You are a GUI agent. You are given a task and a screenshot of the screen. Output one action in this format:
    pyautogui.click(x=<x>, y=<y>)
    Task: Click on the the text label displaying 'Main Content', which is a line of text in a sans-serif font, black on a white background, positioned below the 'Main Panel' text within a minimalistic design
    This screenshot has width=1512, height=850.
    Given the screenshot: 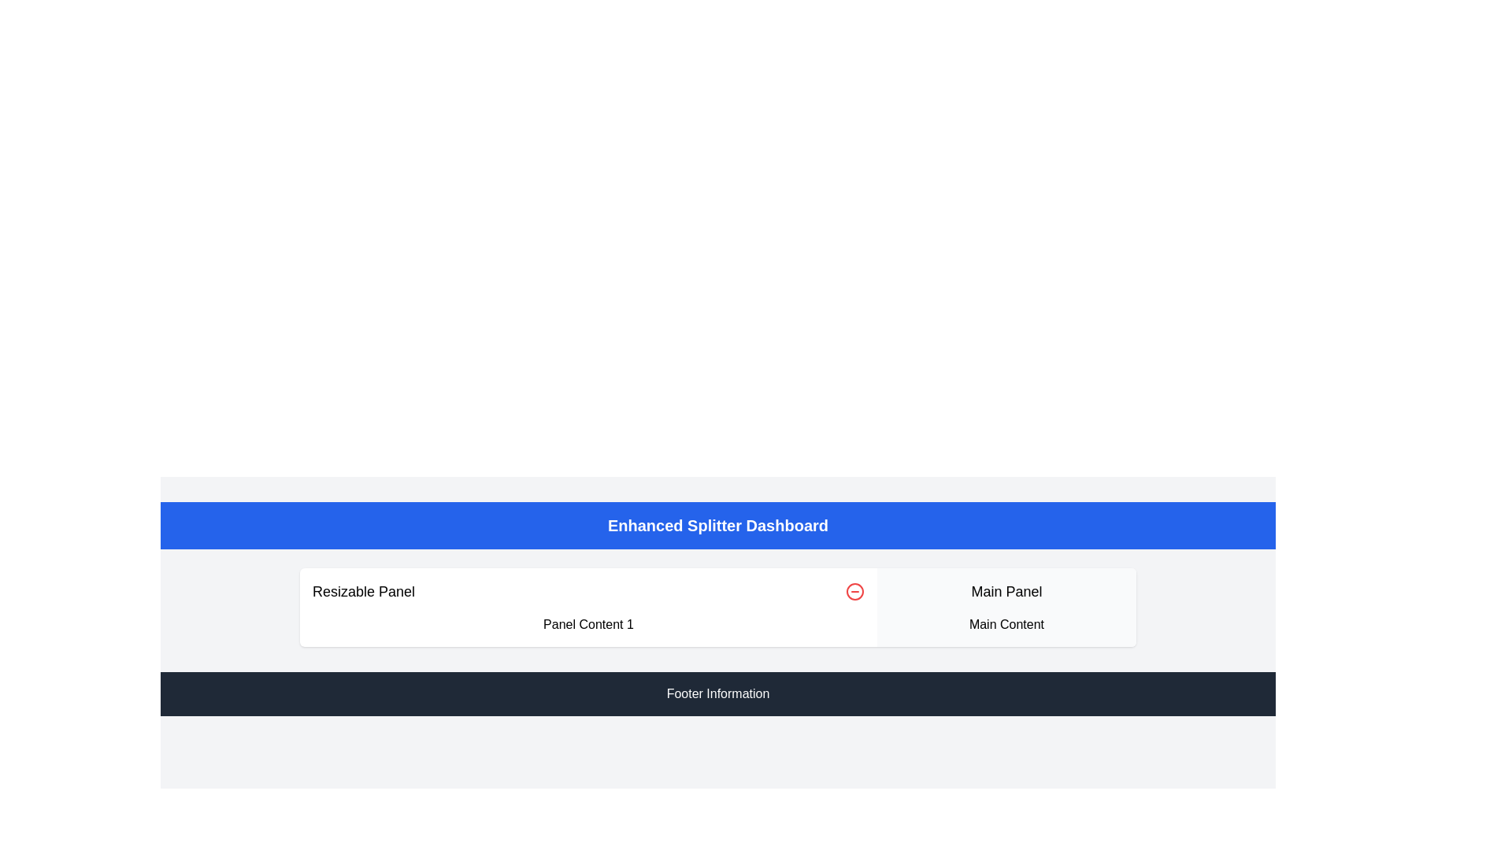 What is the action you would take?
    pyautogui.click(x=1006, y=624)
    